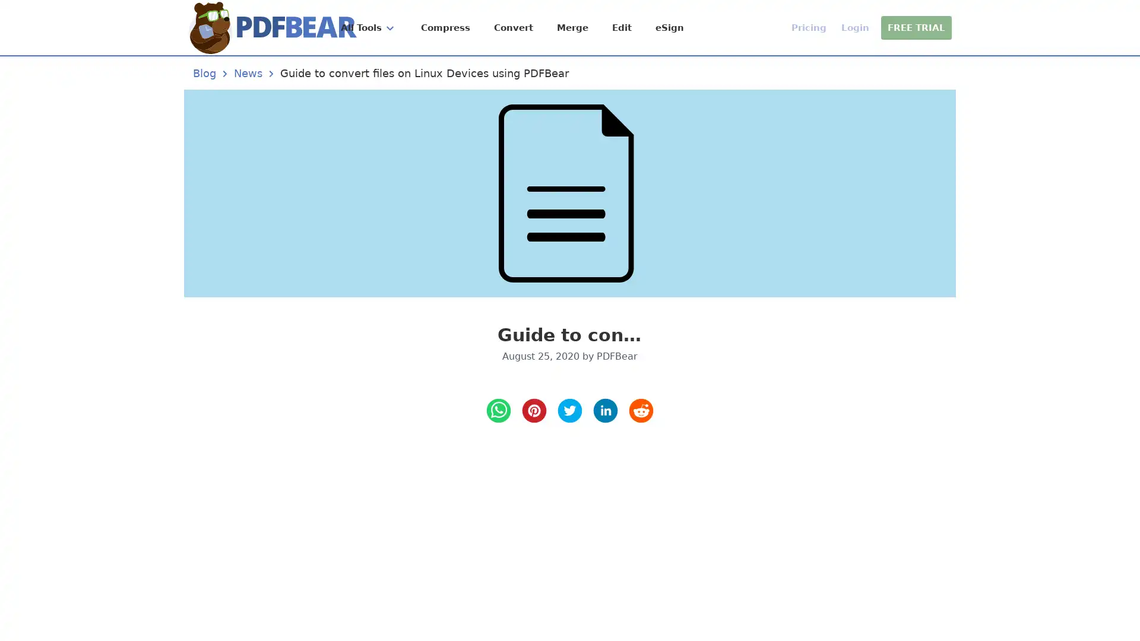 This screenshot has width=1140, height=641. What do you see at coordinates (444, 27) in the screenshot?
I see `Compress` at bounding box center [444, 27].